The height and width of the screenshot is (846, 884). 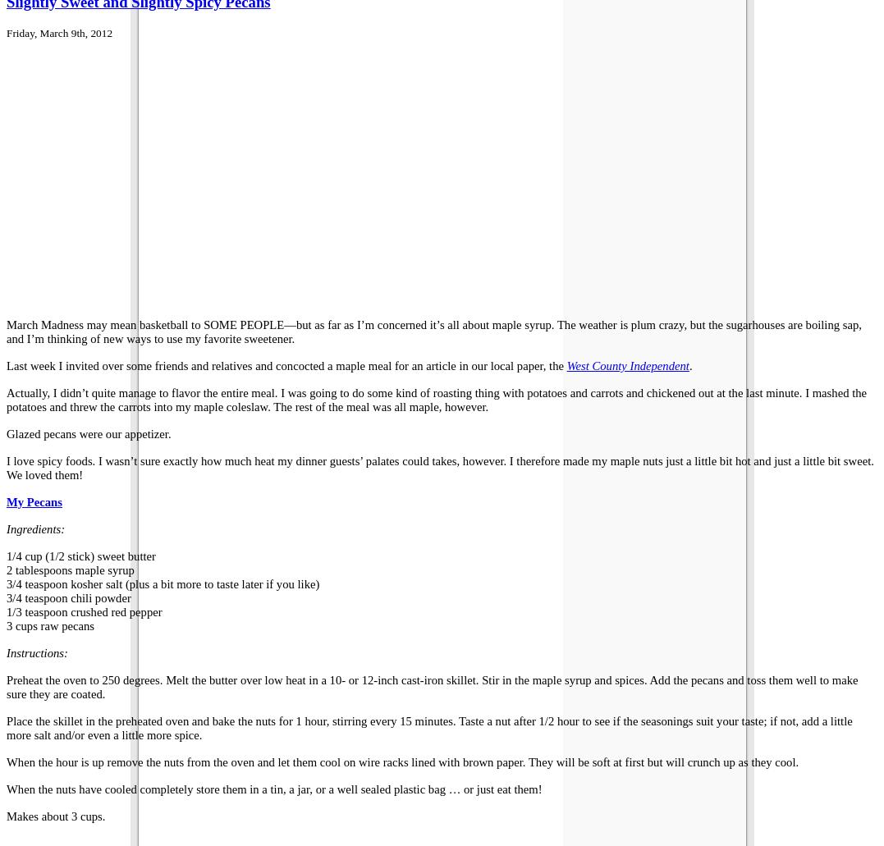 What do you see at coordinates (37, 652) in the screenshot?
I see `'Instructions:'` at bounding box center [37, 652].